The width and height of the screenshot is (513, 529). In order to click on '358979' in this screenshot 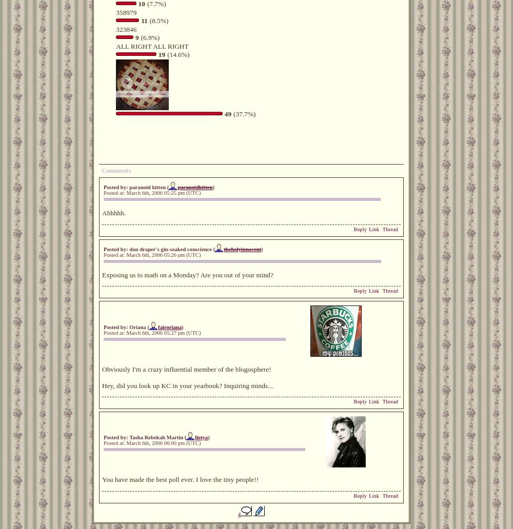, I will do `click(126, 12)`.